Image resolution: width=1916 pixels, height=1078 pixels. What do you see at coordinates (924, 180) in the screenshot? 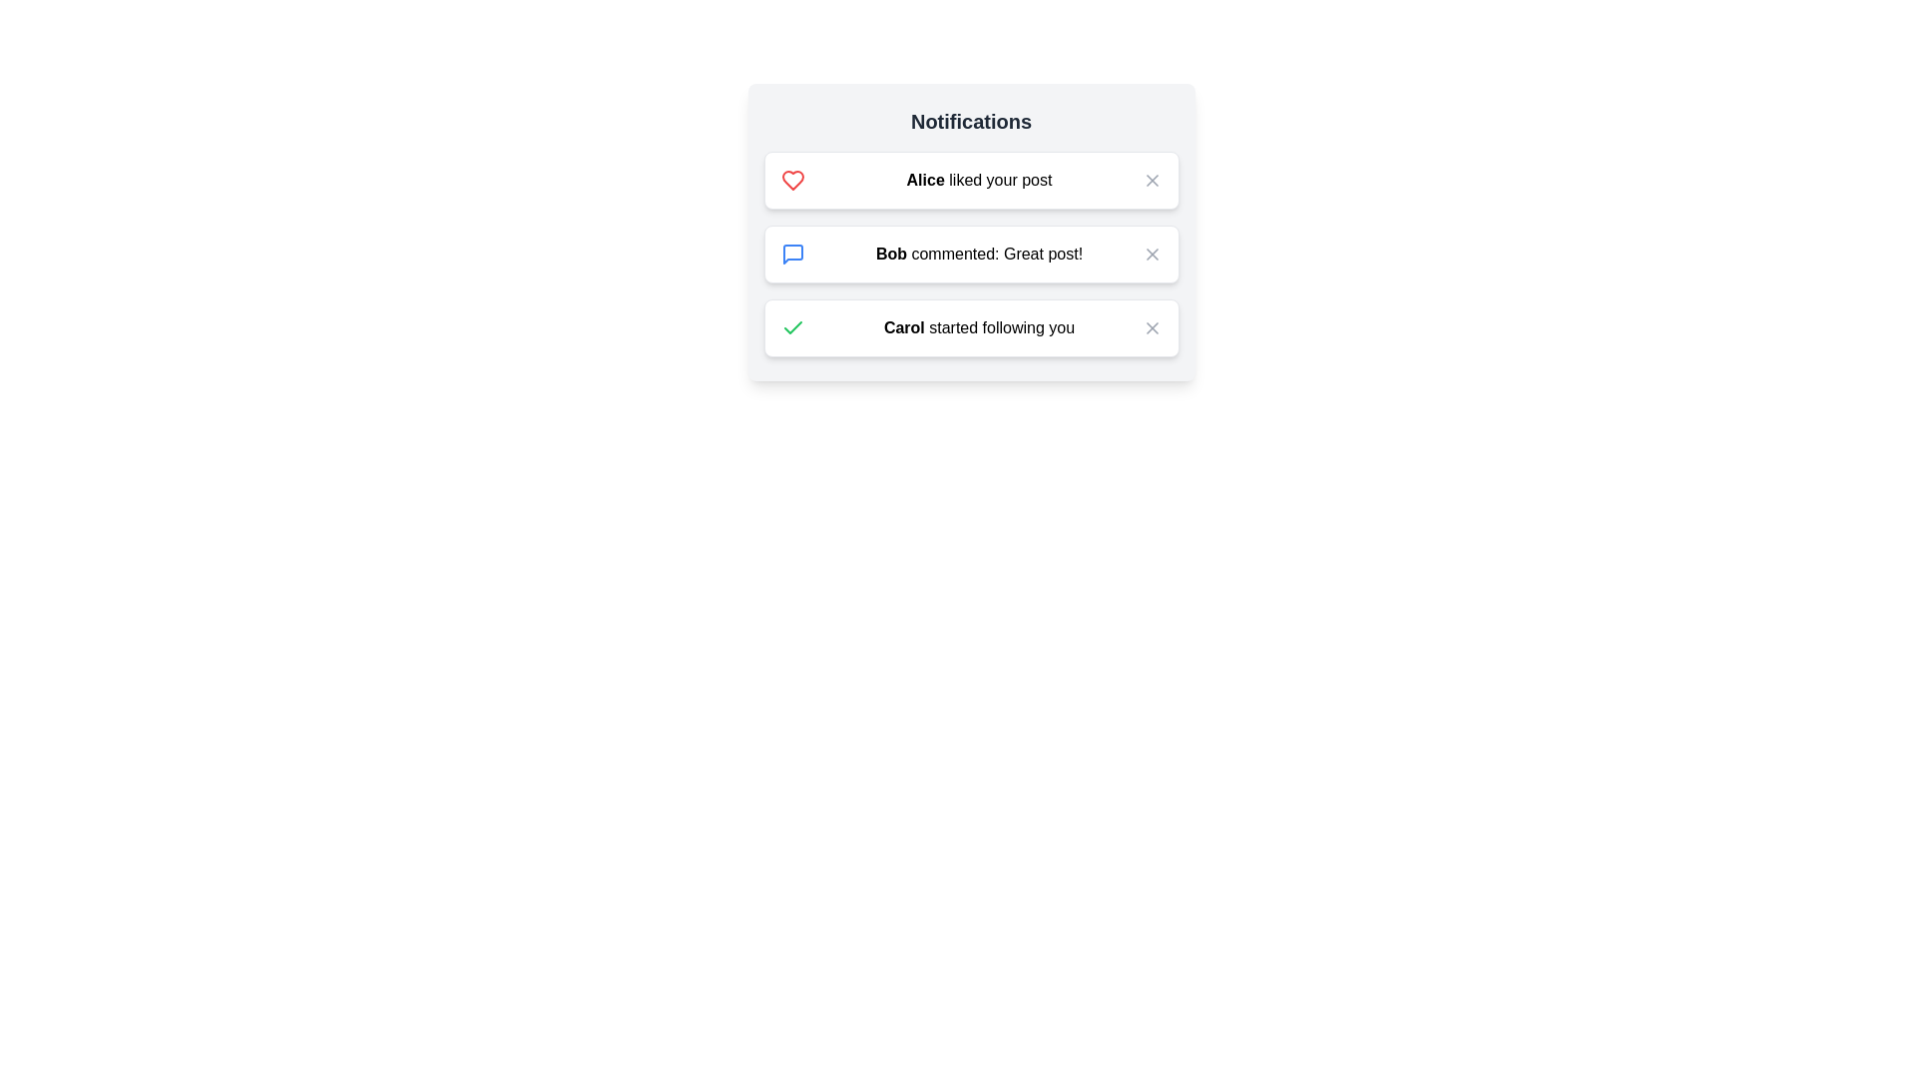
I see `the bold text displaying 'Alice' in the first notification entry of the notification panel` at bounding box center [924, 180].